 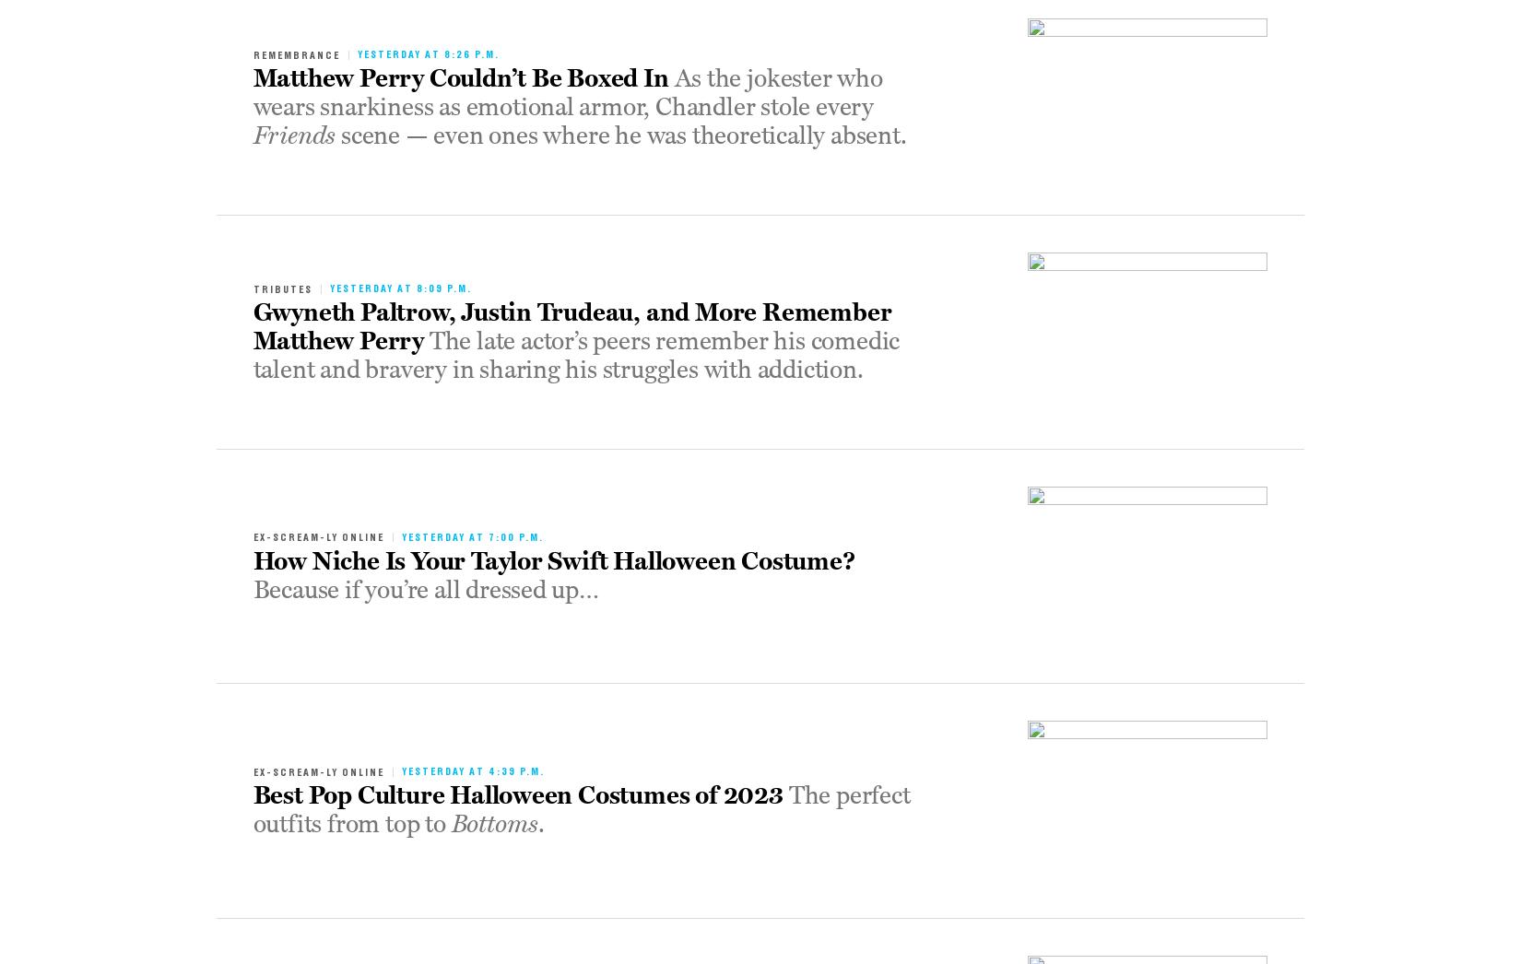 I want to click on 'Yesterday at 8:09 p.m.', so click(x=399, y=288).